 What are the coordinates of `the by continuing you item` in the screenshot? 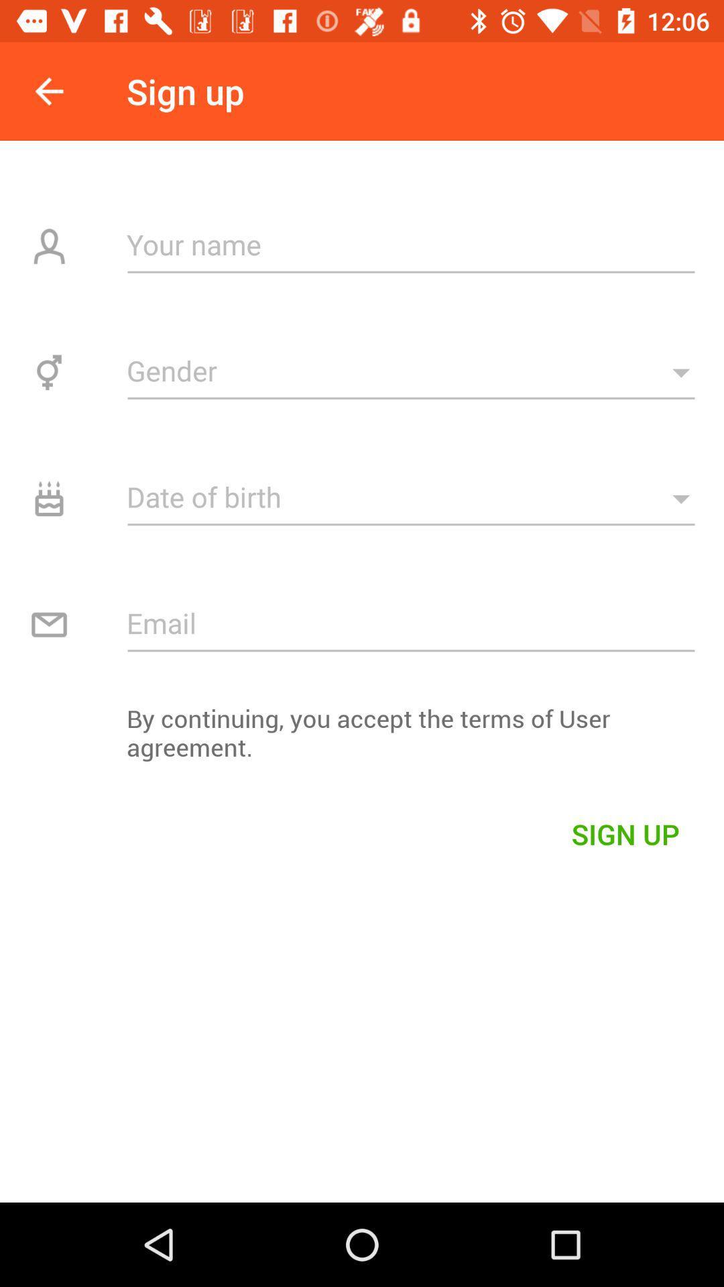 It's located at (362, 739).